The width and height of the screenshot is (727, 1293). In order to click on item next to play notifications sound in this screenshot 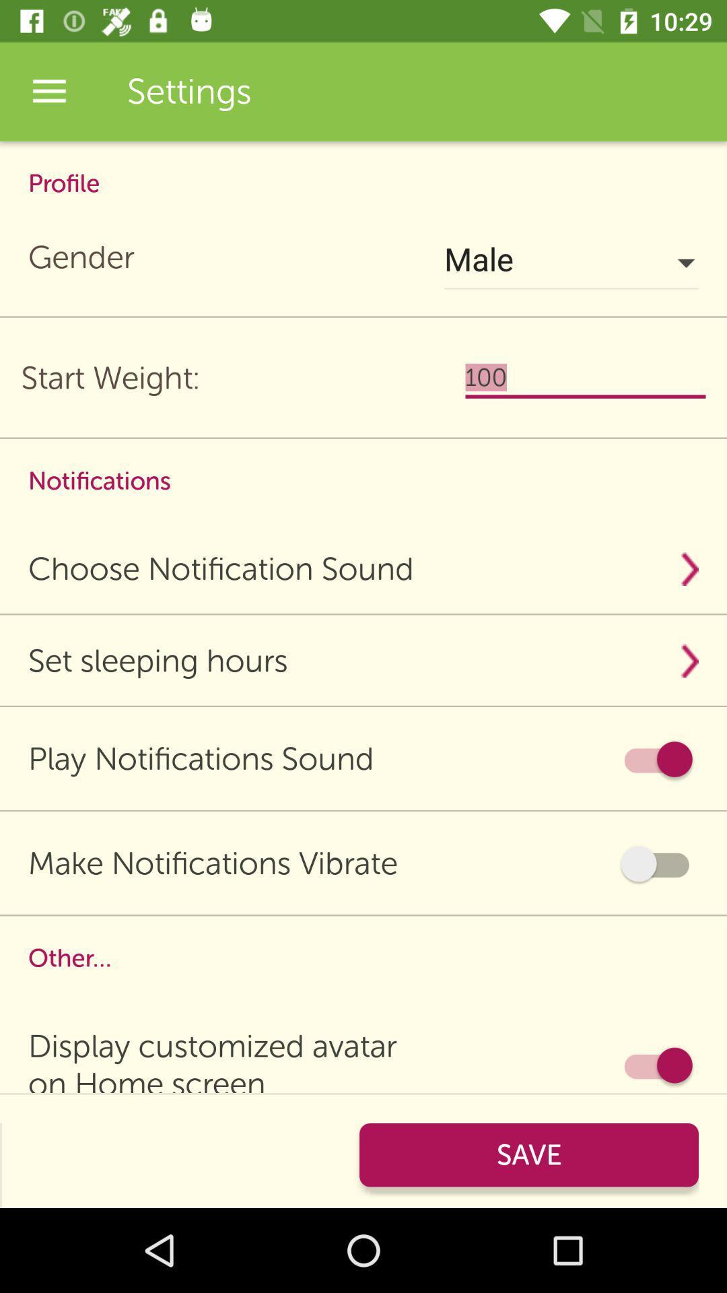, I will do `click(656, 759)`.